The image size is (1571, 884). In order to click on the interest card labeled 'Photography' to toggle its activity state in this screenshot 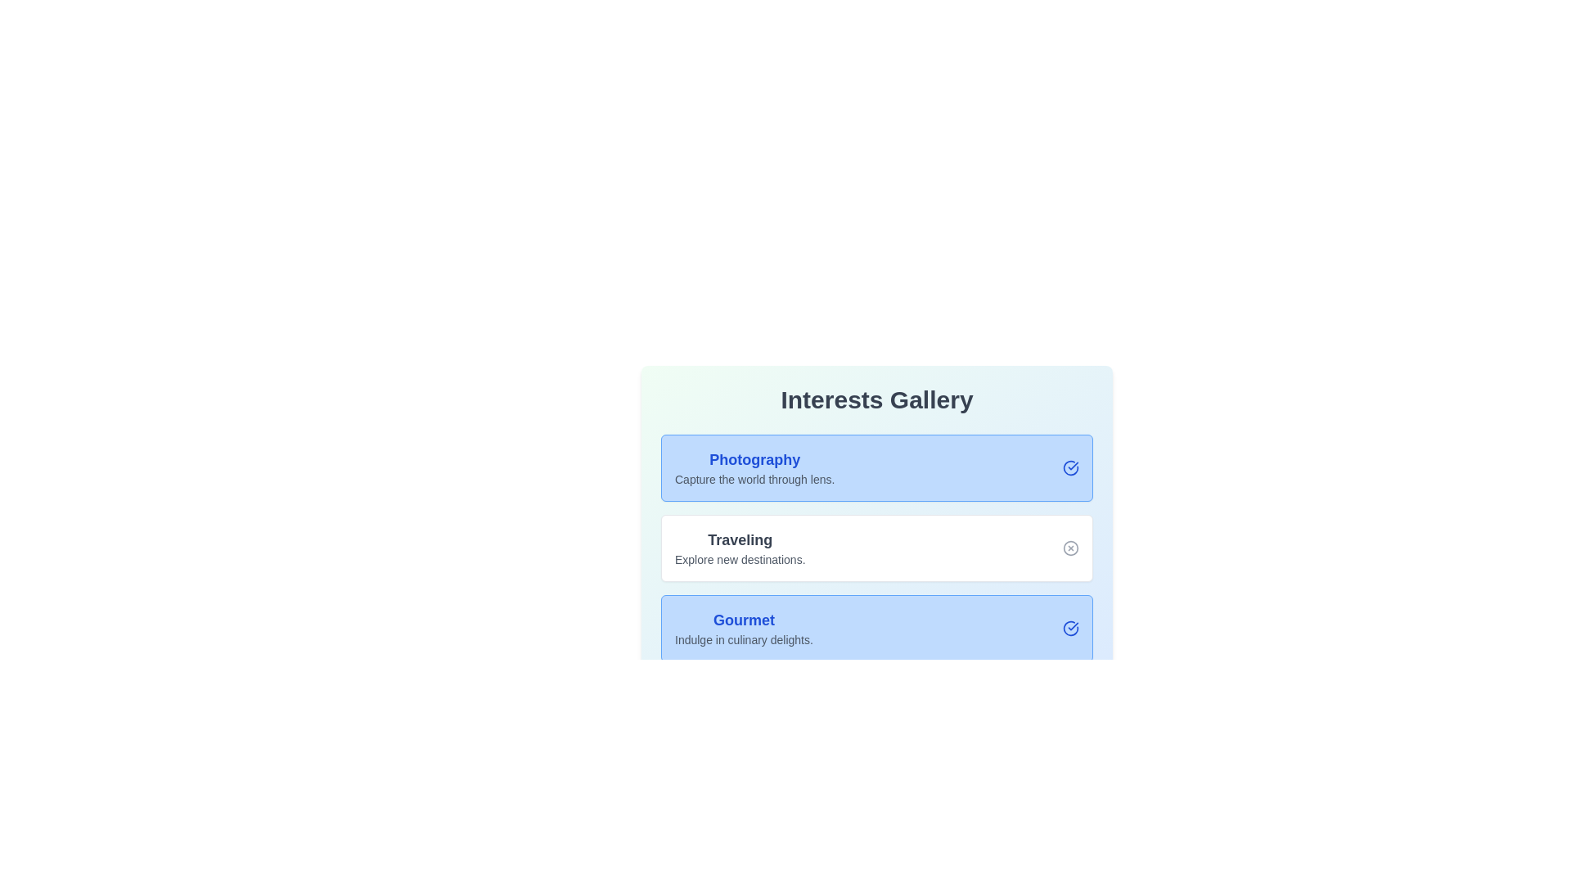, I will do `click(876, 467)`.